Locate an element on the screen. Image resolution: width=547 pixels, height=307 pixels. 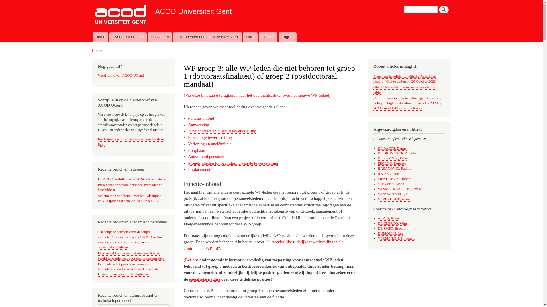
'Functie-inhoud' is located at coordinates (201, 118).